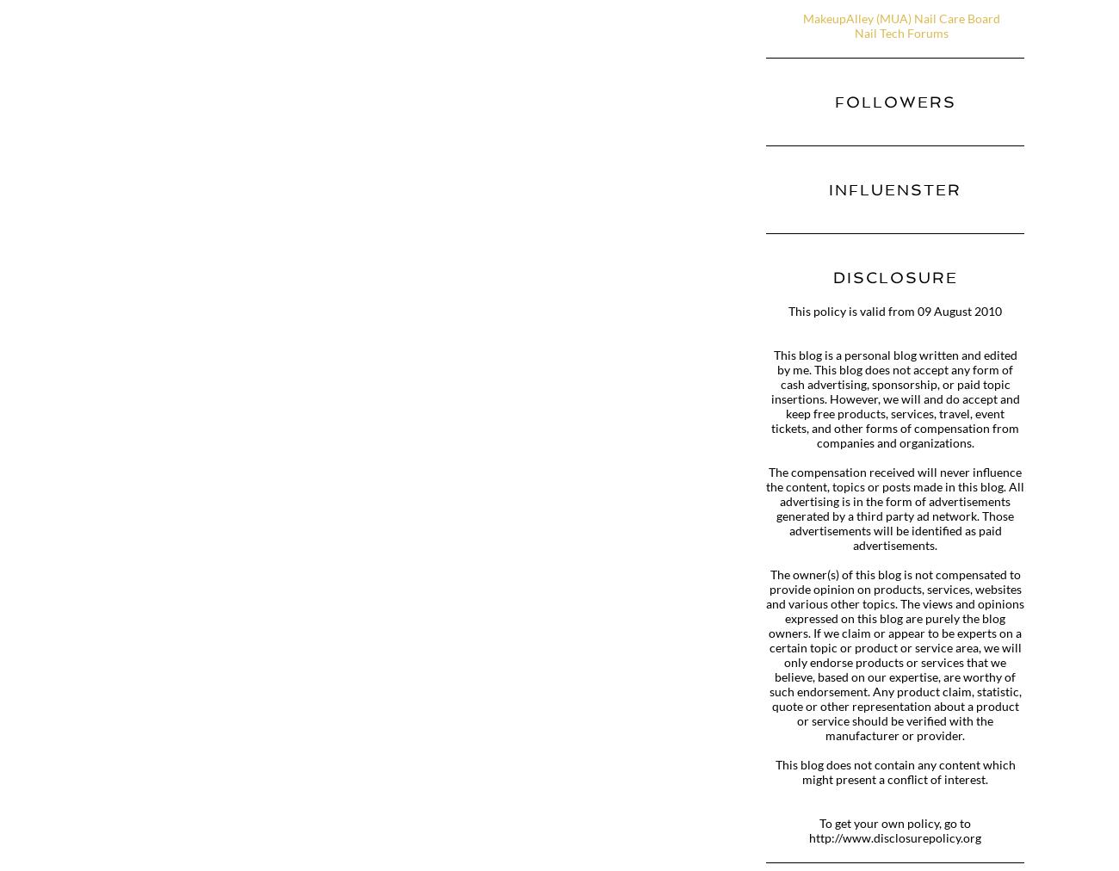  Describe the element at coordinates (895, 831) in the screenshot. I see `'To get your own policy, go to http://www.disclosurepolicy.org'` at that location.